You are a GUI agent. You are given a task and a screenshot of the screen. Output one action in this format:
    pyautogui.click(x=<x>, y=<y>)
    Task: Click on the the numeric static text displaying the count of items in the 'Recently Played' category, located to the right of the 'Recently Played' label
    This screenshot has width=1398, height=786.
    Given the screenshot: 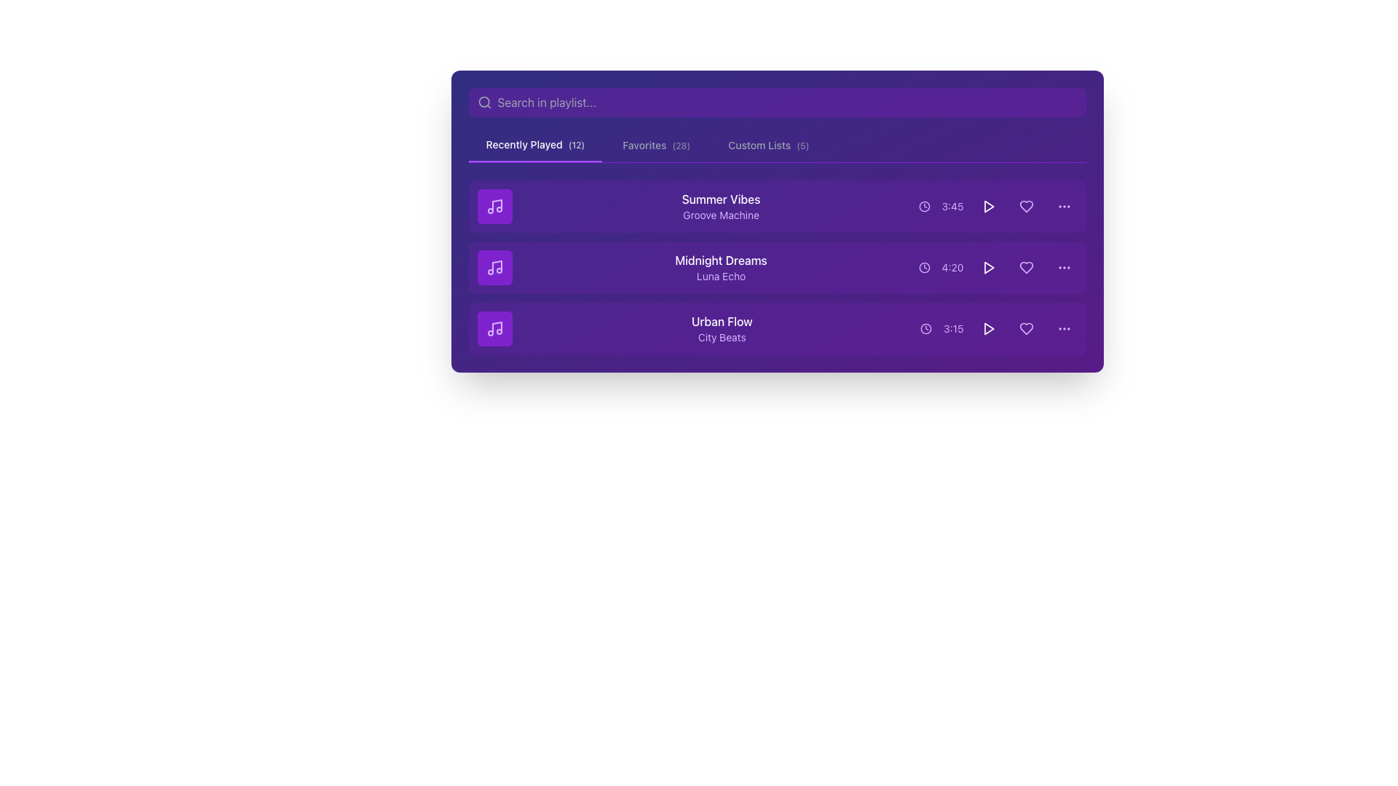 What is the action you would take?
    pyautogui.click(x=576, y=145)
    